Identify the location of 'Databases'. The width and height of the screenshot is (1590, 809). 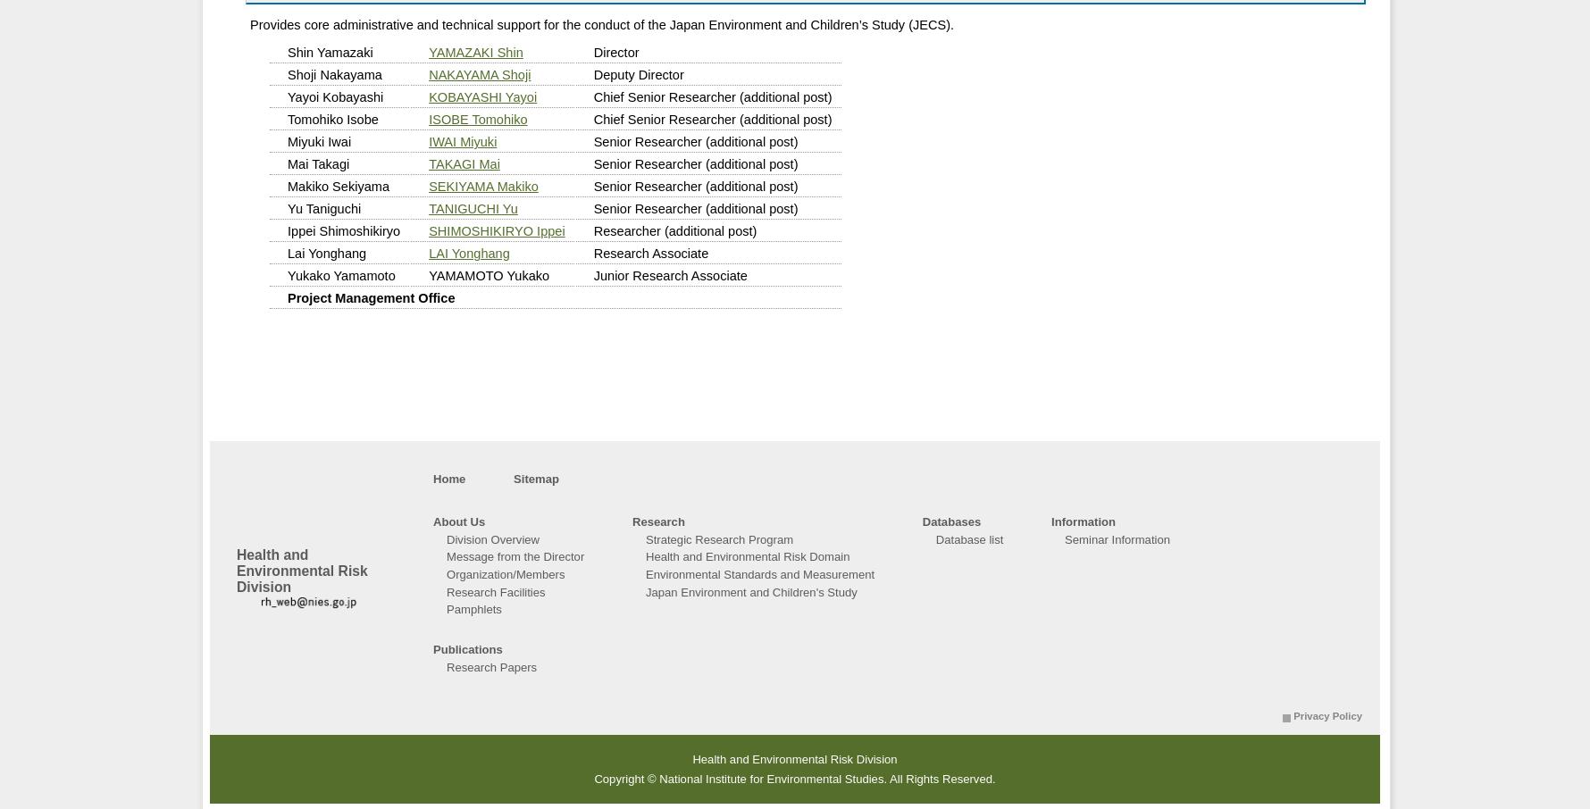
(950, 521).